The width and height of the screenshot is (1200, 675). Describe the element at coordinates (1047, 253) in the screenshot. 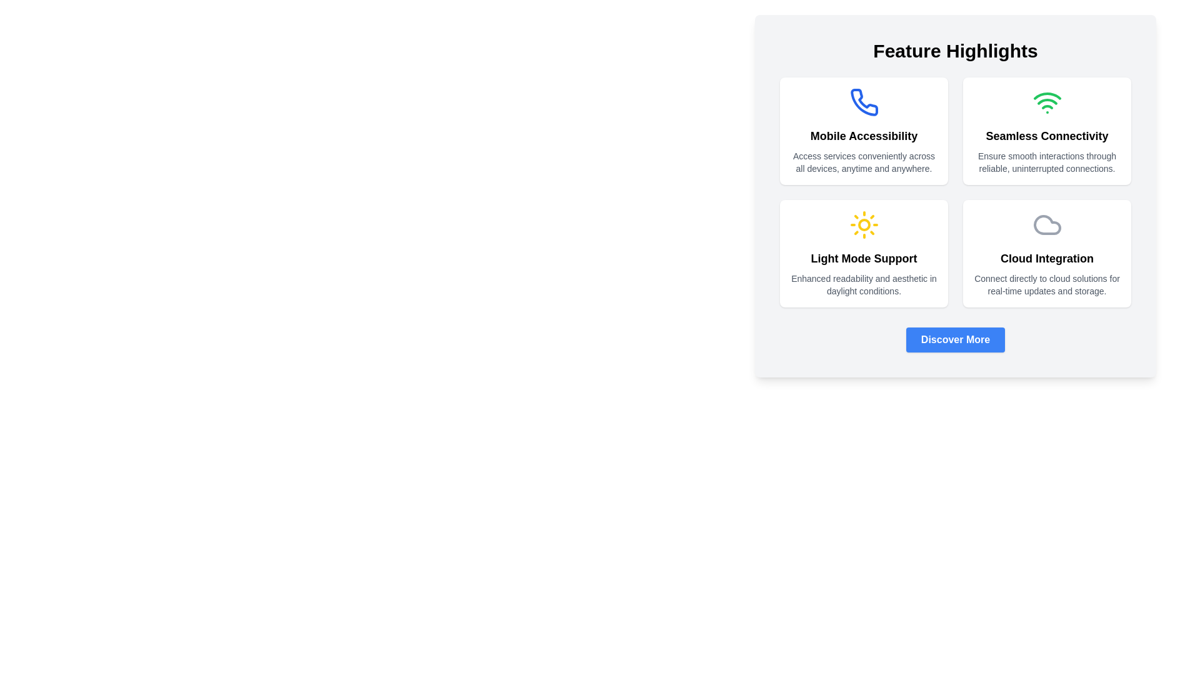

I see `the fourth card in the grid layout that describes the 'Cloud Integration' feature` at that location.